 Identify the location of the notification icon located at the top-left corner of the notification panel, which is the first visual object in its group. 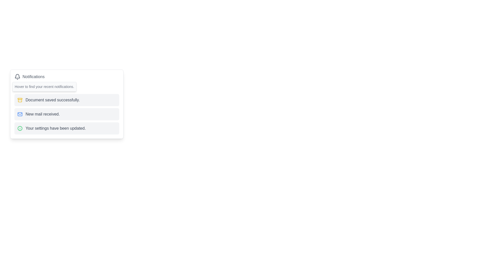
(17, 77).